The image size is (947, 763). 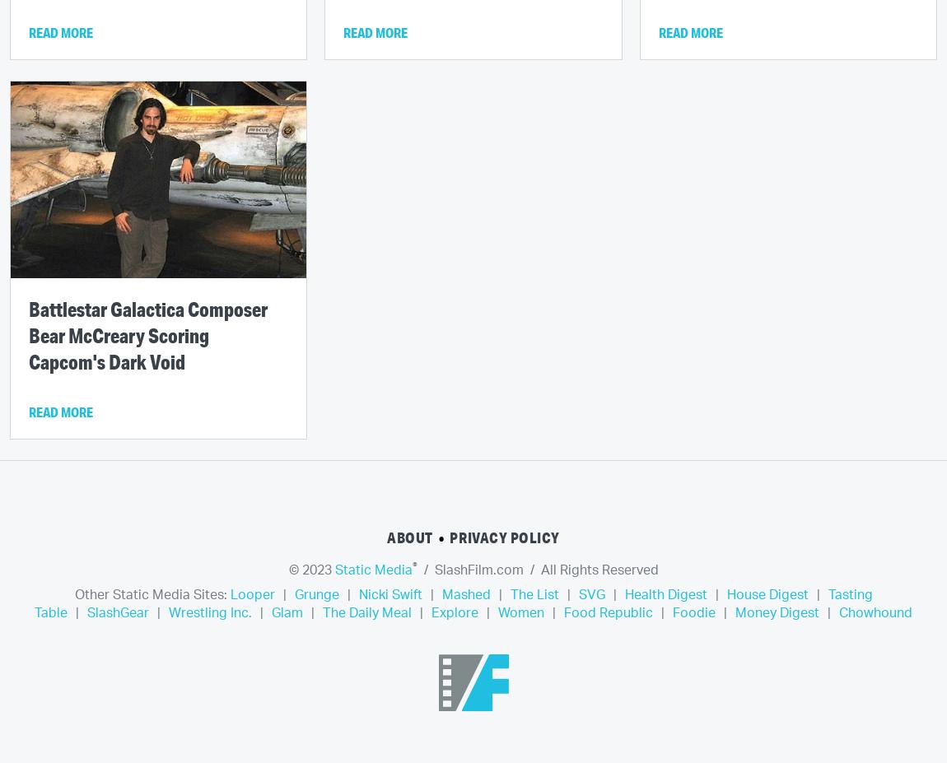 What do you see at coordinates (520, 612) in the screenshot?
I see `'Women'` at bounding box center [520, 612].